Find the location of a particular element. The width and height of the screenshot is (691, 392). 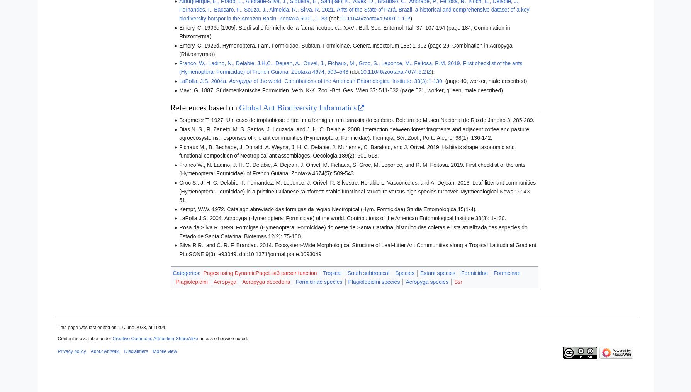

'Rosa da Silva R. 1999. Formigas (Hymenoptera: Formicidae) do oeste de Santa Catarina: historico das coletas e lista atualizada das especies do Estado de Santa Catarina. Biotemas 12(2): 75-100.' is located at coordinates (353, 231).